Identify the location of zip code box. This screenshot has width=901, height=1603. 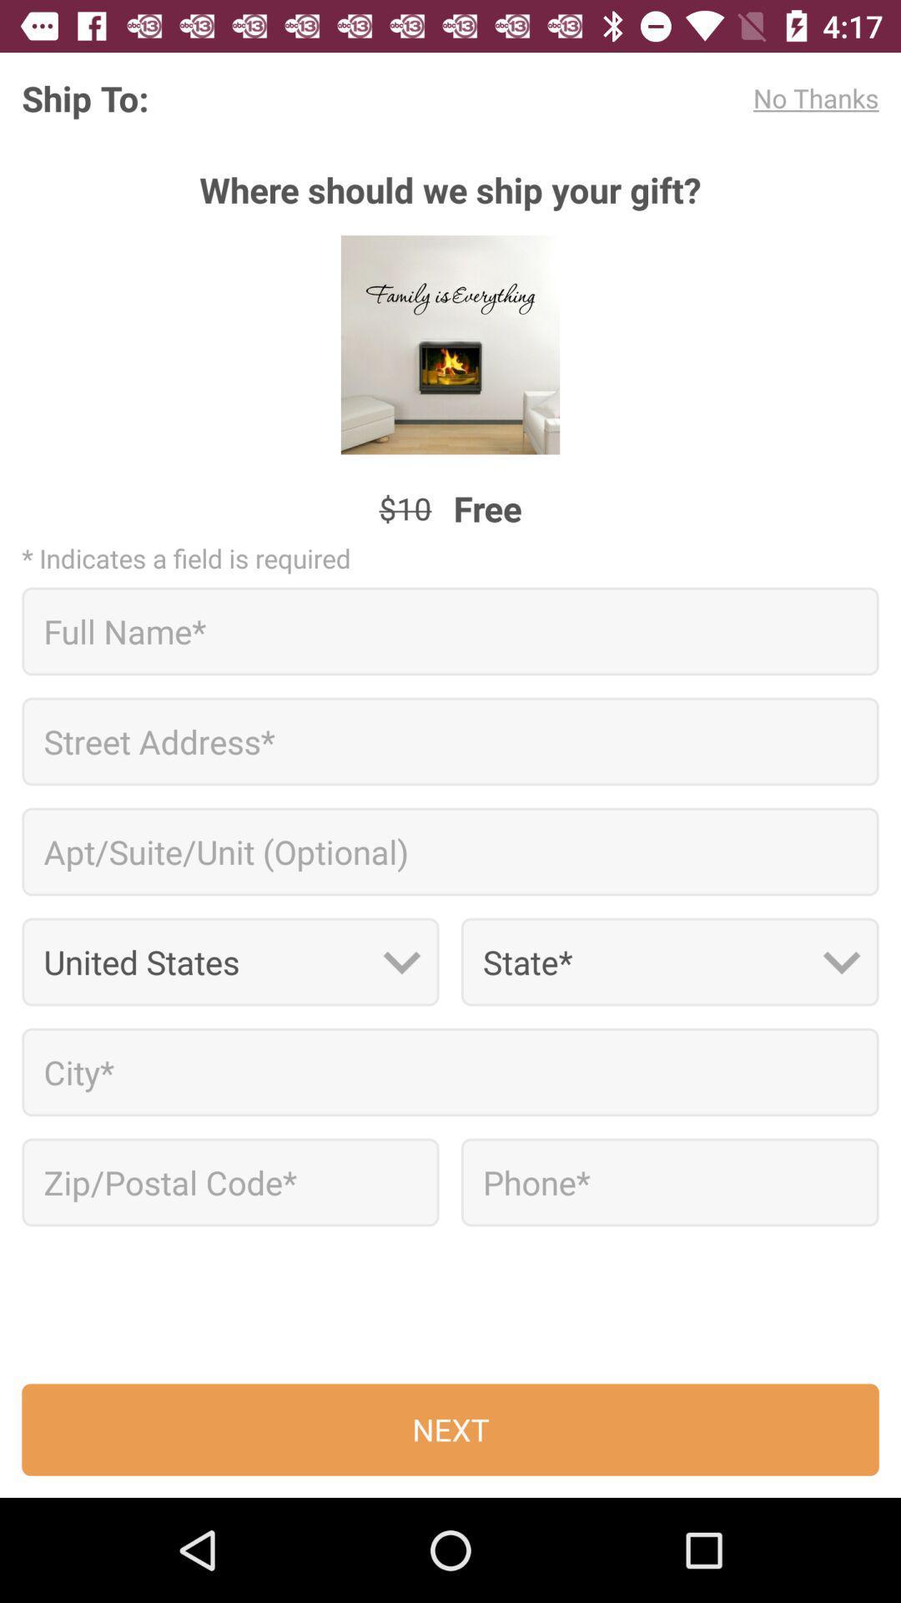
(230, 1181).